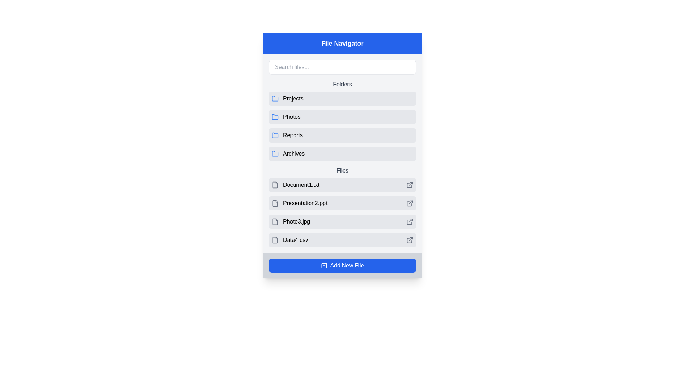 Image resolution: width=680 pixels, height=382 pixels. I want to click on the button at the bottom of the 'File Navigator' panel, so click(342, 266).